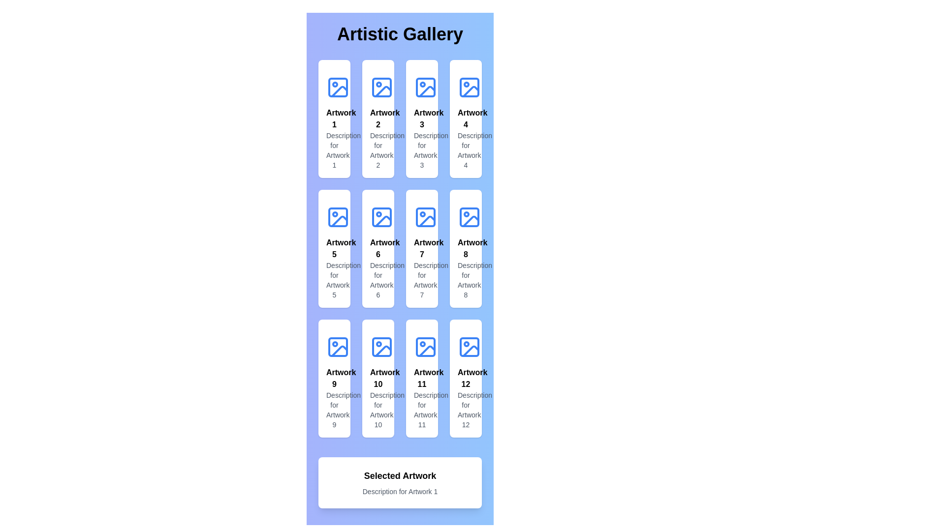  What do you see at coordinates (334, 378) in the screenshot?
I see `the Card displaying information about 'Artwork 9' in the Artistic Gallery, located in the third row and the first column` at bounding box center [334, 378].